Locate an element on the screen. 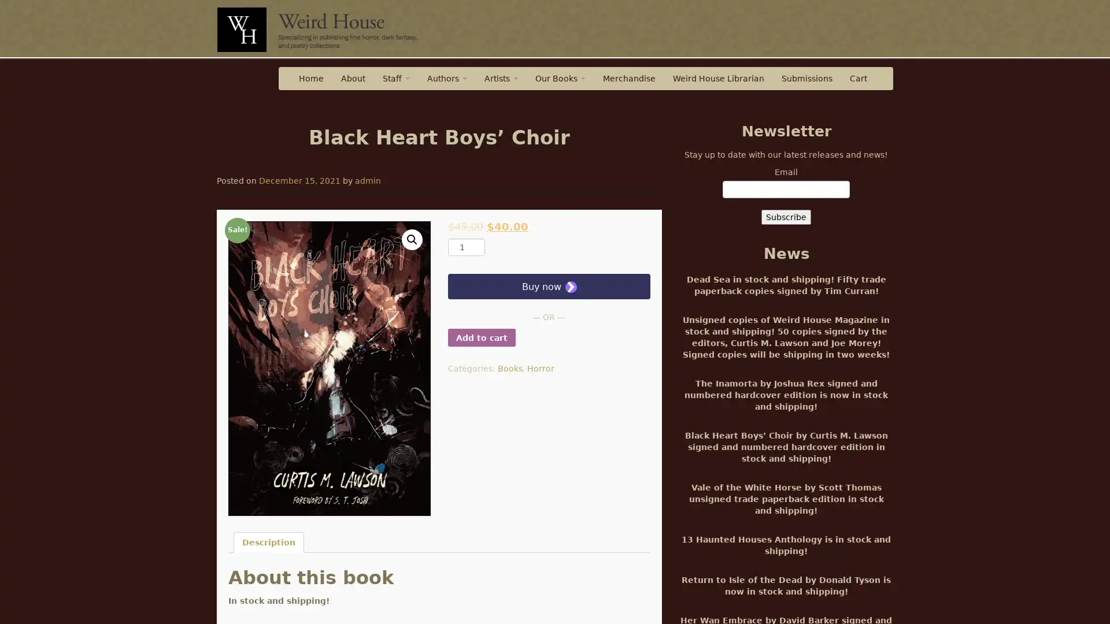 This screenshot has height=624, width=1110. Add to cart is located at coordinates (481, 337).